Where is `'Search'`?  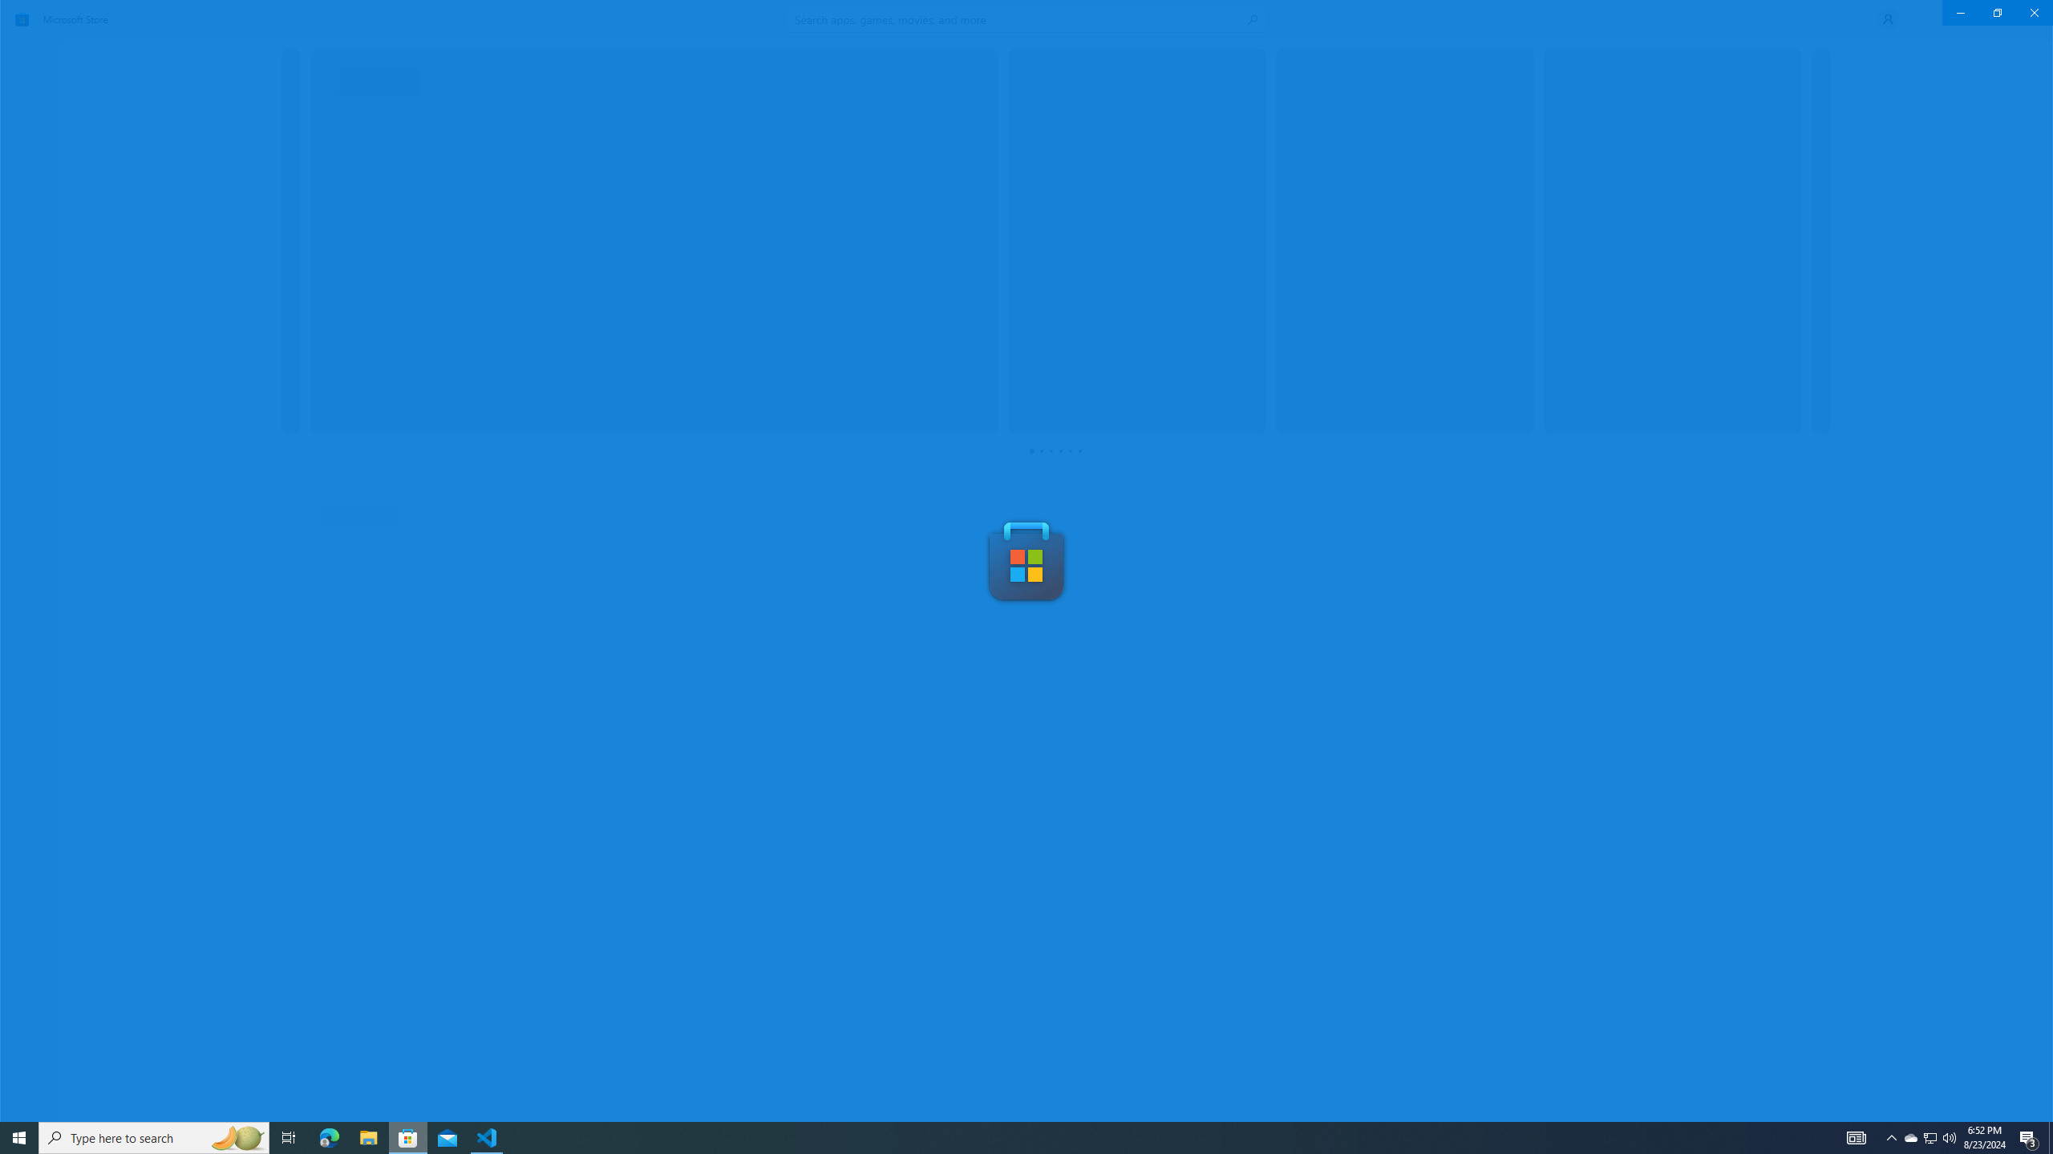 'Search' is located at coordinates (1026, 18).